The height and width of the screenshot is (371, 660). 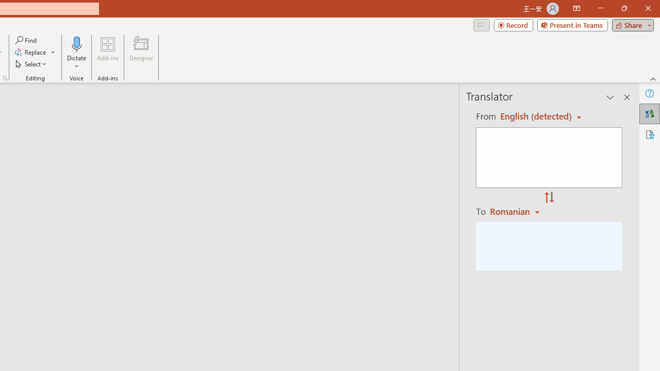 What do you see at coordinates (141, 53) in the screenshot?
I see `'Designer'` at bounding box center [141, 53].